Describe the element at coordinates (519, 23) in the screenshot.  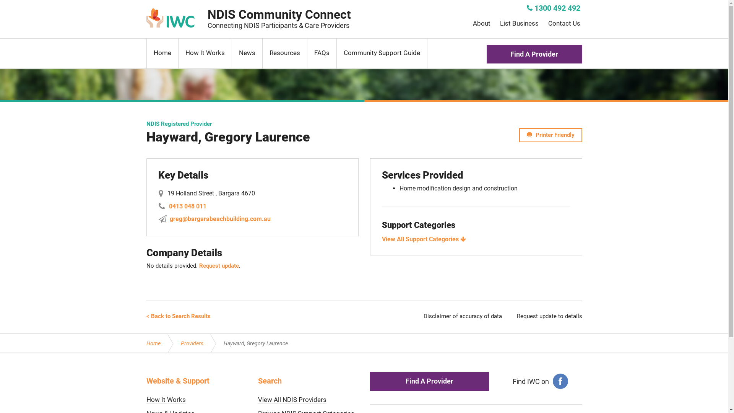
I see `'List Business'` at that location.